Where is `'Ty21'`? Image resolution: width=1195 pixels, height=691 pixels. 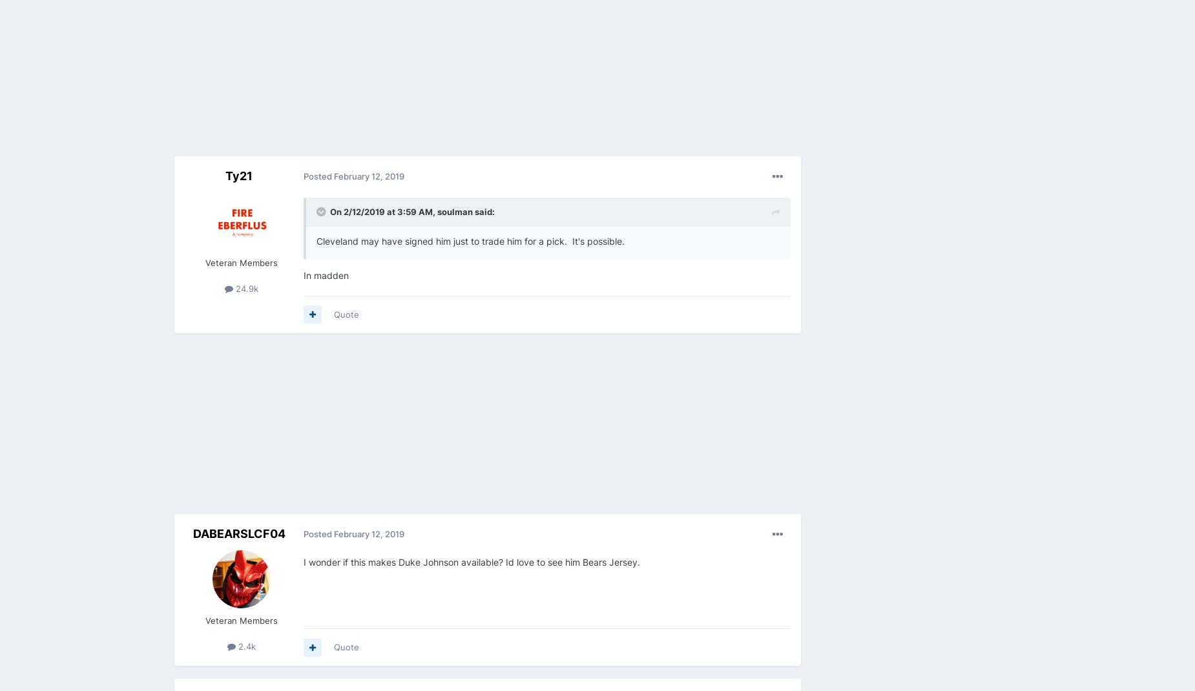
'Ty21' is located at coordinates (224, 176).